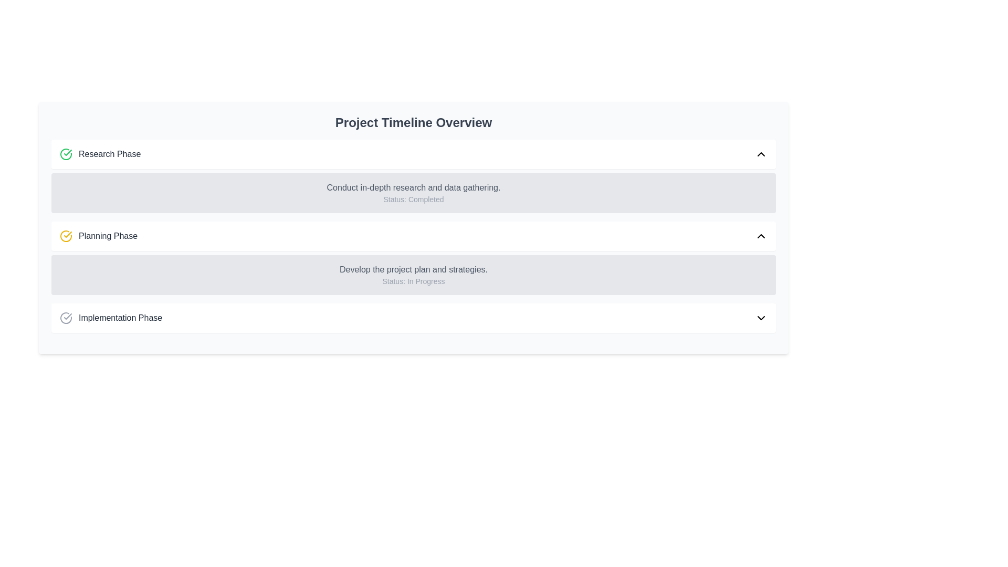  Describe the element at coordinates (100, 154) in the screenshot. I see `the 'Research Phase' label in the 'Project Timeline Overview' section, which indicates the current or completed phase of the project timeline` at that location.